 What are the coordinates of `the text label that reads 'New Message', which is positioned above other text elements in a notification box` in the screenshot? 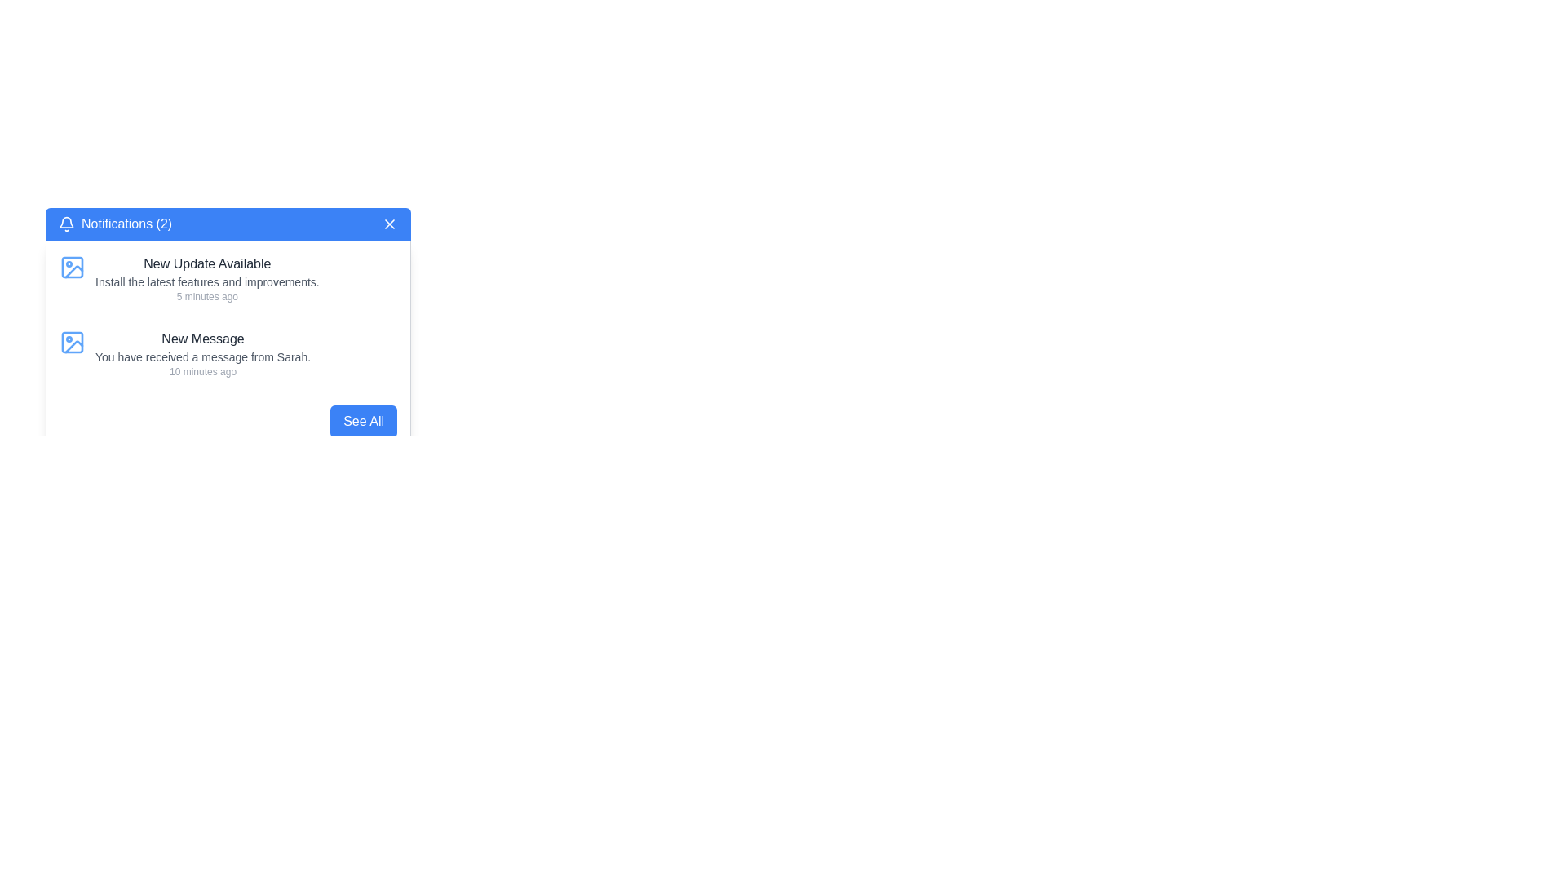 It's located at (202, 339).